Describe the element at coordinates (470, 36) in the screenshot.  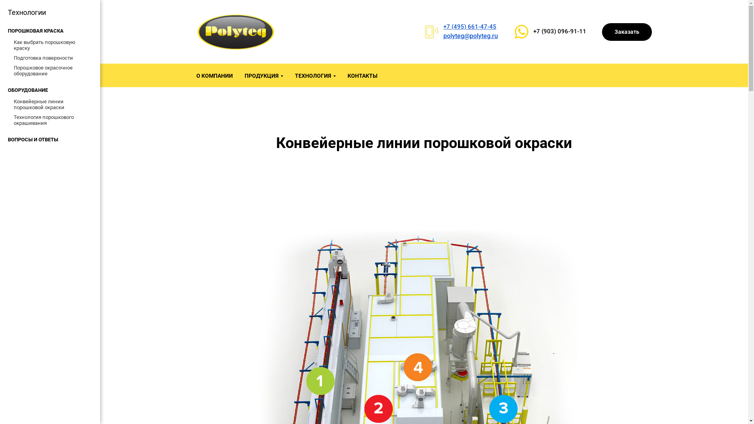
I see `'polyteg@polyteg.ru'` at that location.